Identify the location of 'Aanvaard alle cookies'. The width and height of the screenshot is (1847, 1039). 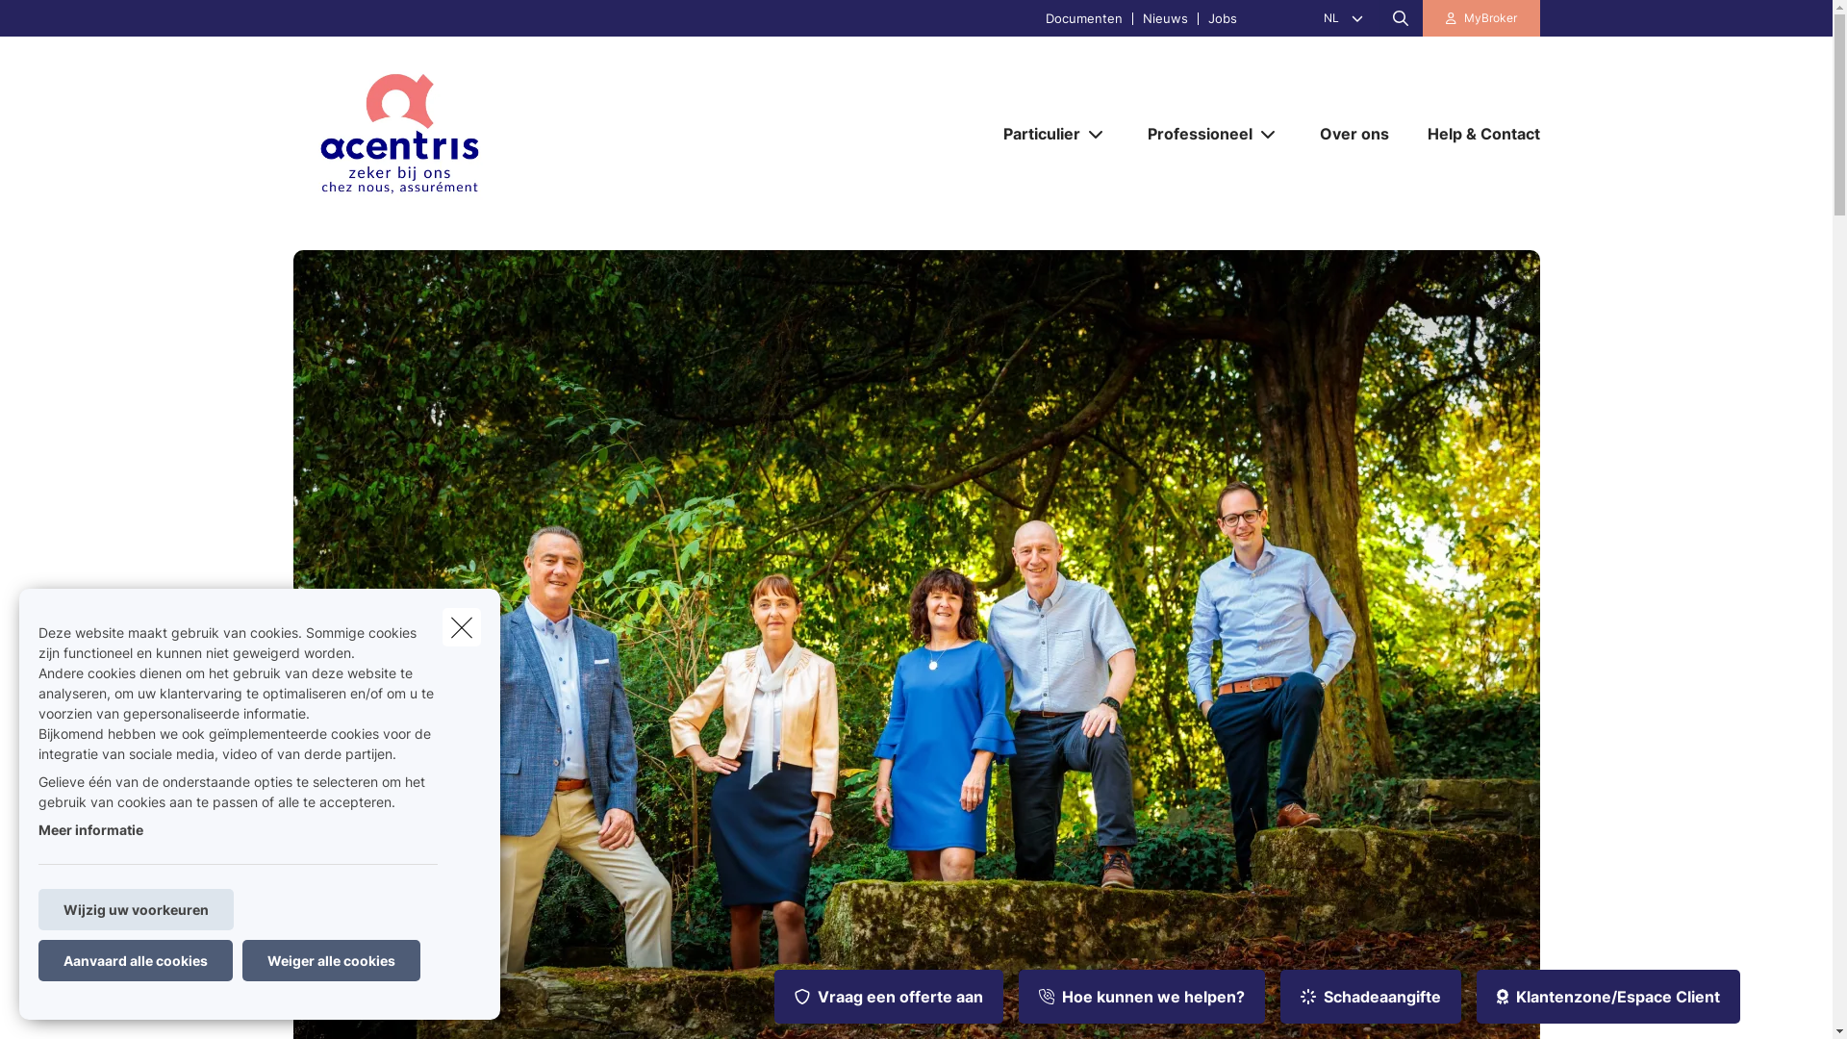
(134, 960).